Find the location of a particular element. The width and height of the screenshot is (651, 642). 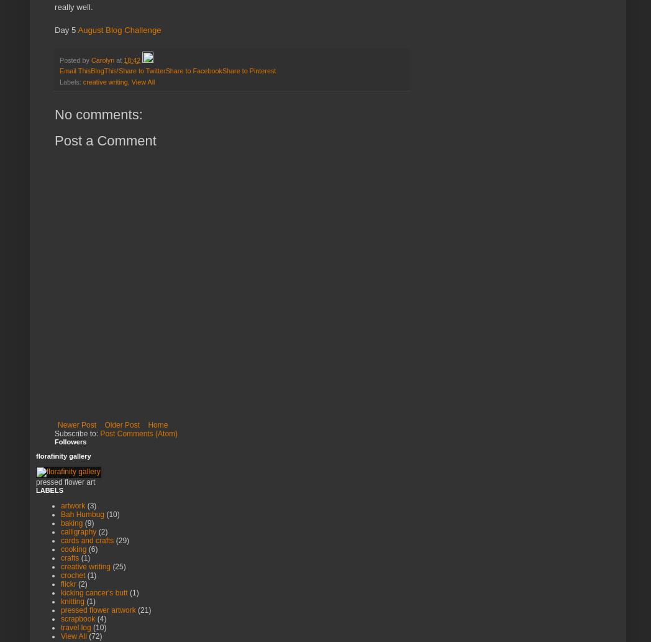

'at' is located at coordinates (119, 60).